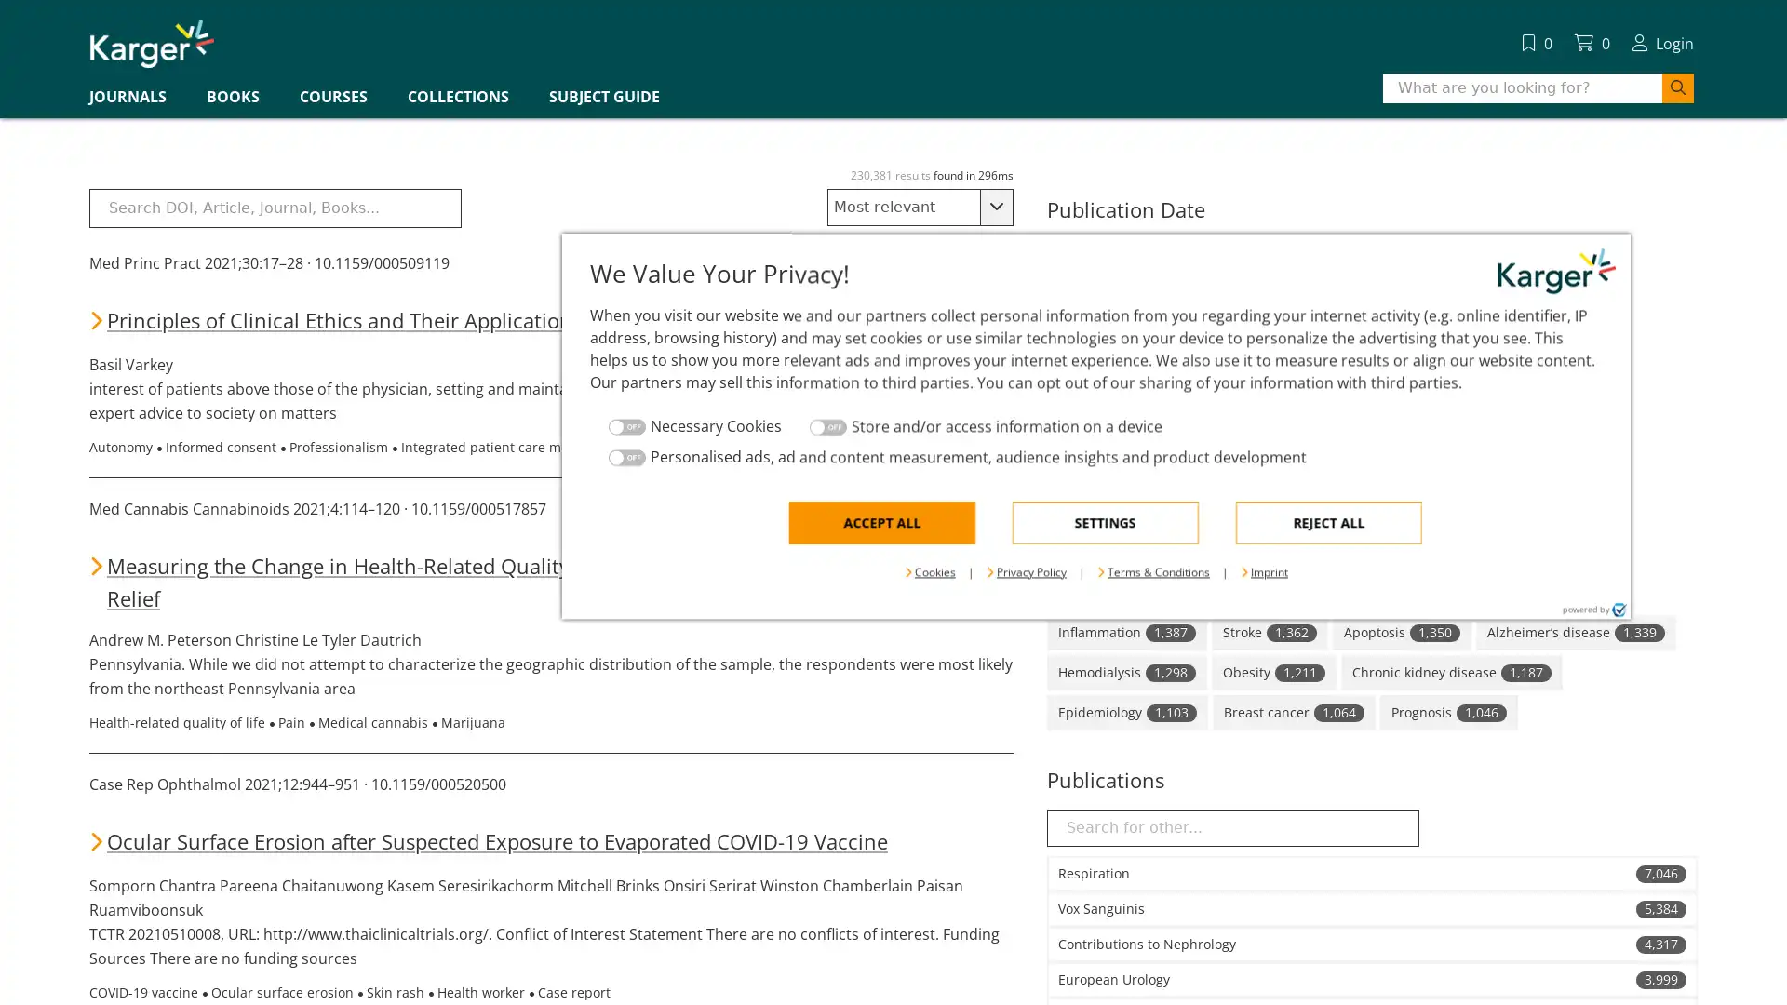 The image size is (1787, 1005). Describe the element at coordinates (1678, 88) in the screenshot. I see `Submit Homepage Search` at that location.